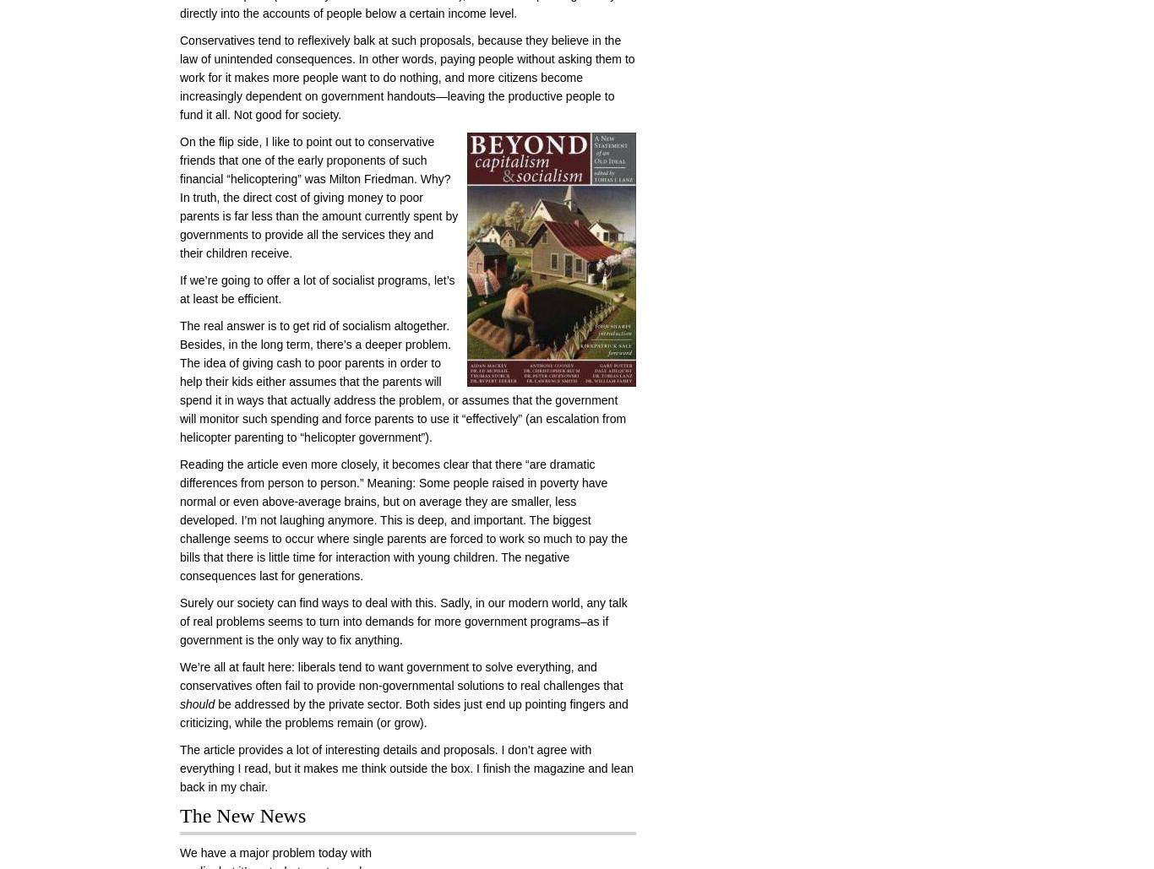  I want to click on 'The real answer is to get rid of socialism altogether. Besides, in the long term, there’s a deeper problem. The idea of giving cash to poor parents in order to help their kids either assumes that the parents will spend it in ways that actually address the problem, or assumes that the government will monitor such spending and force parents to use it “effectively” (an escalation from helicopter parenting to “helicopter government”).', so click(403, 382).